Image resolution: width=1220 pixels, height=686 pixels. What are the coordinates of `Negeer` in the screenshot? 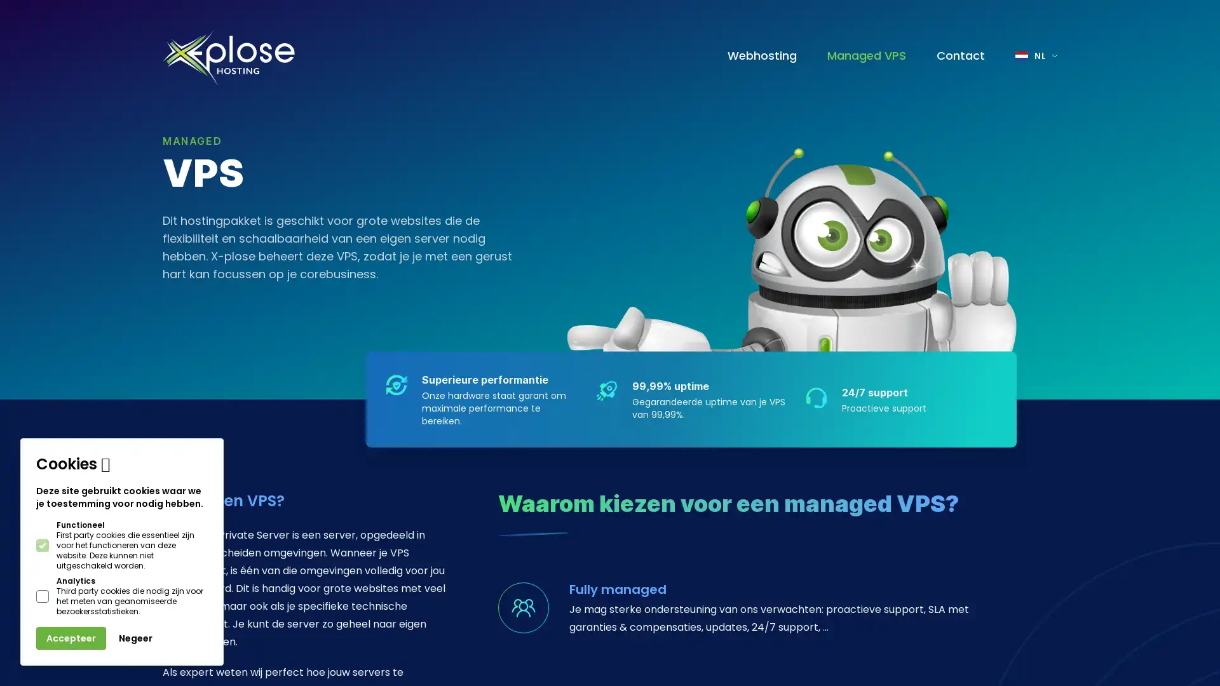 It's located at (135, 638).